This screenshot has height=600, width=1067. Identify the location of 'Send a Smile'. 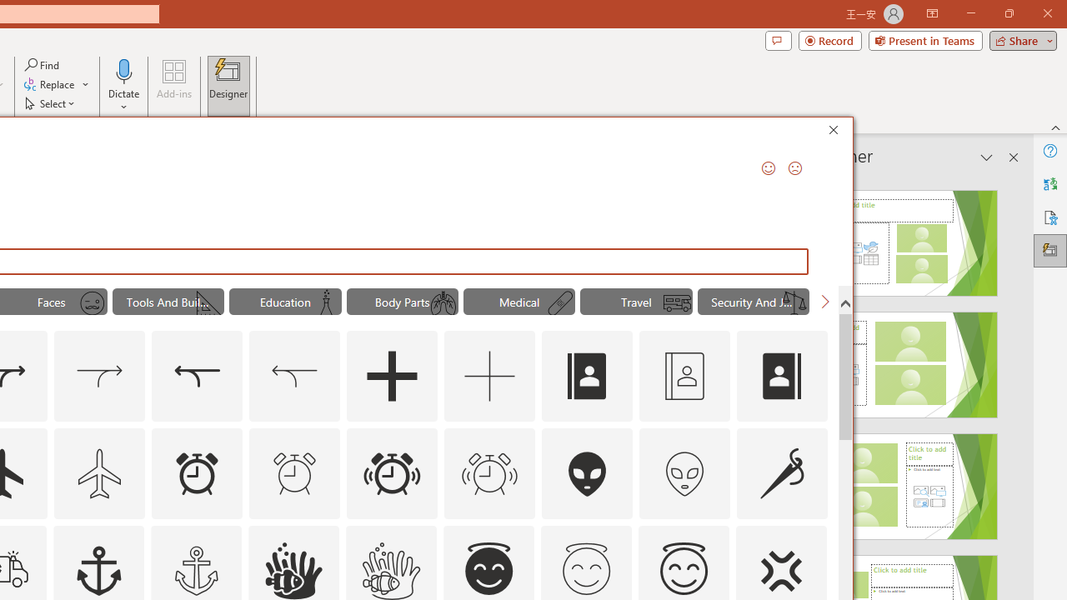
(768, 167).